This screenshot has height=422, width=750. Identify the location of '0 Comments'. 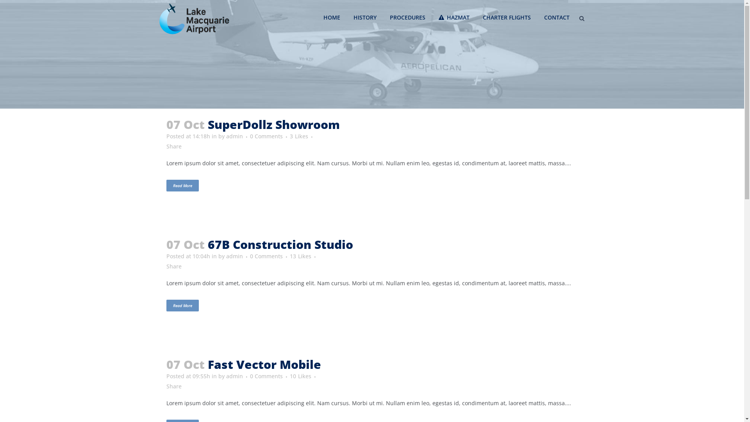
(249, 256).